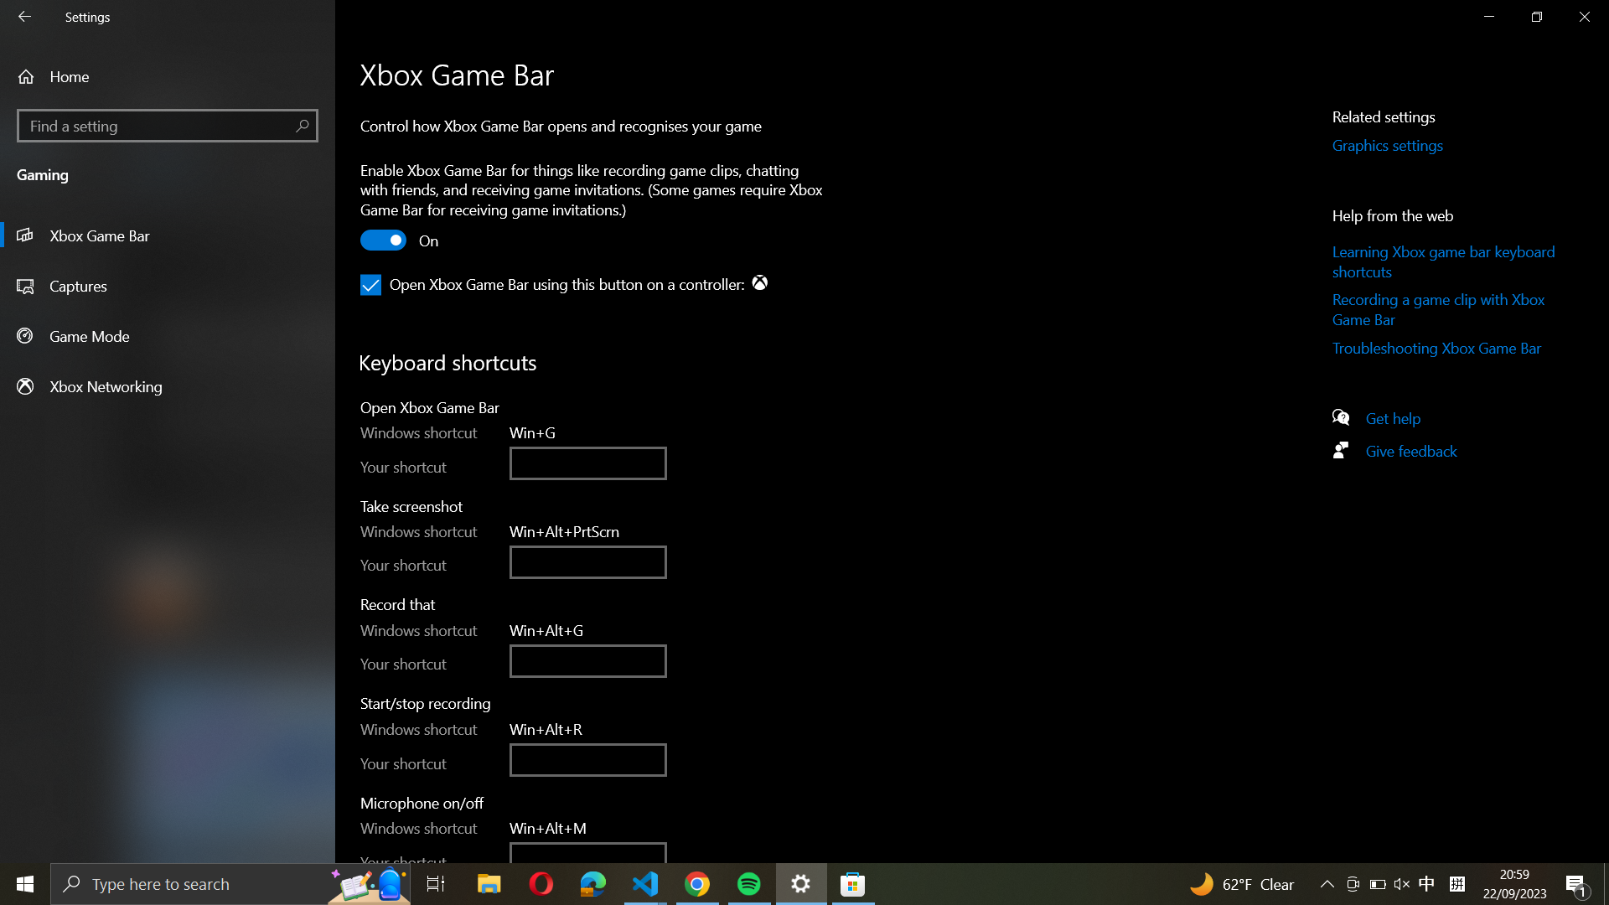 Image resolution: width=1609 pixels, height=905 pixels. Describe the element at coordinates (168, 385) in the screenshot. I see `the Networking settings of Xbox` at that location.